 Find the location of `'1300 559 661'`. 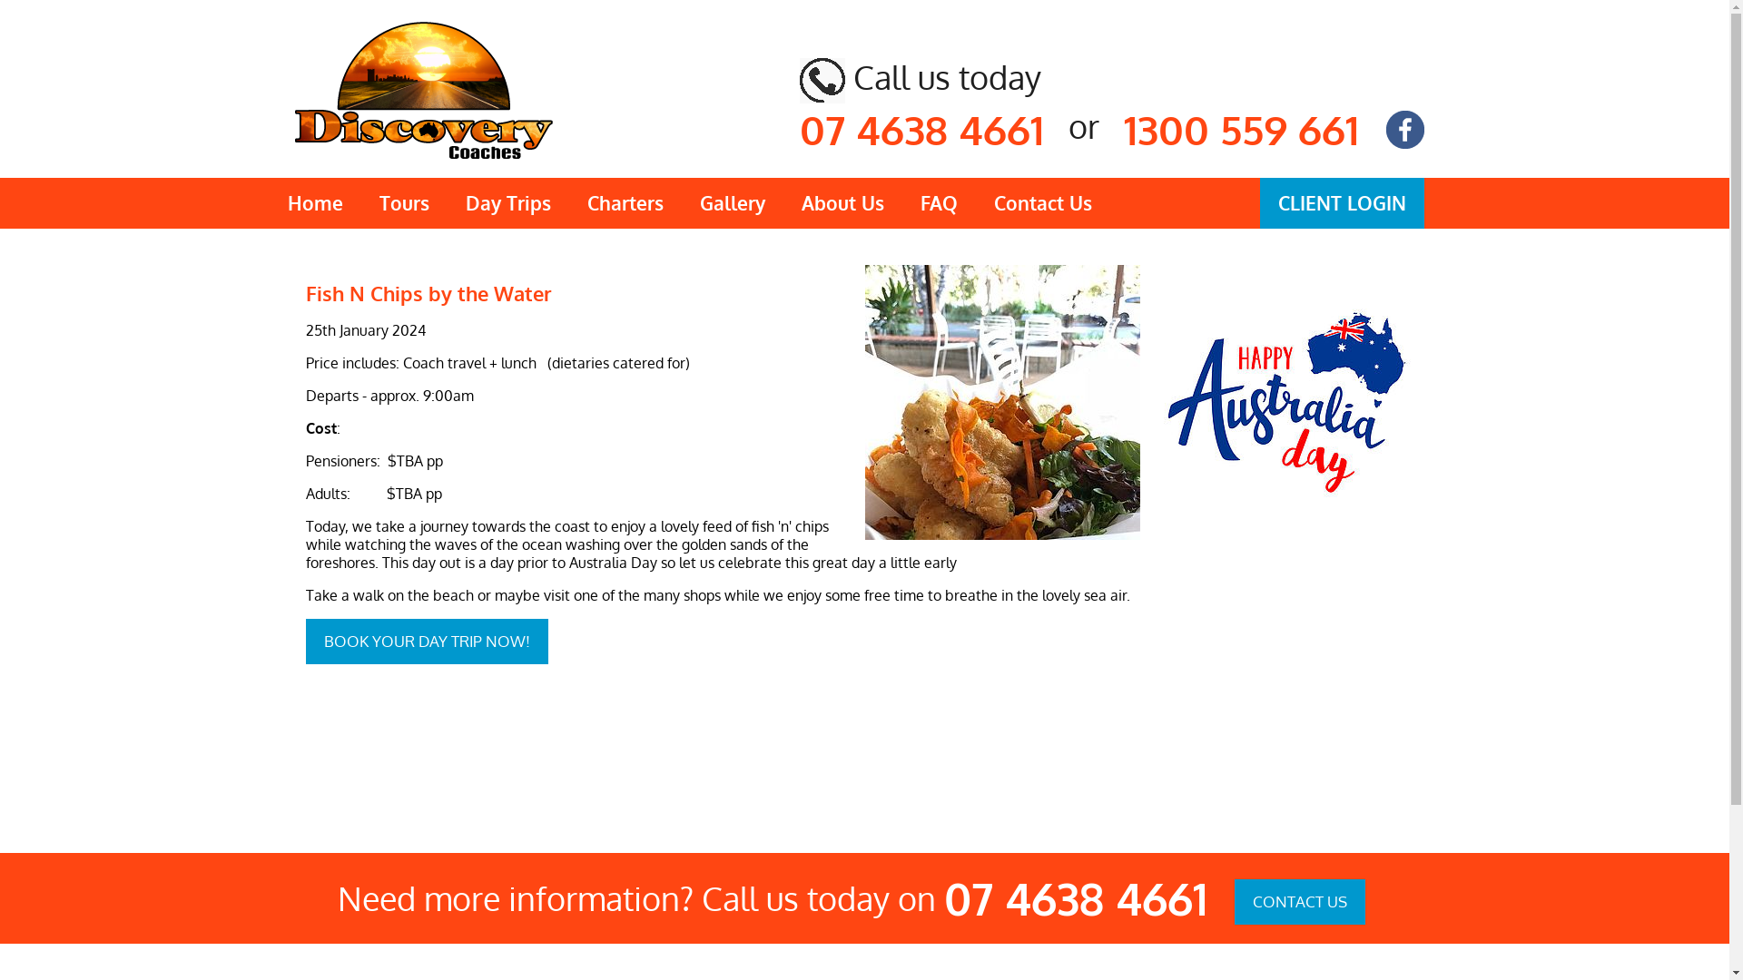

'1300 559 661' is located at coordinates (1123, 128).